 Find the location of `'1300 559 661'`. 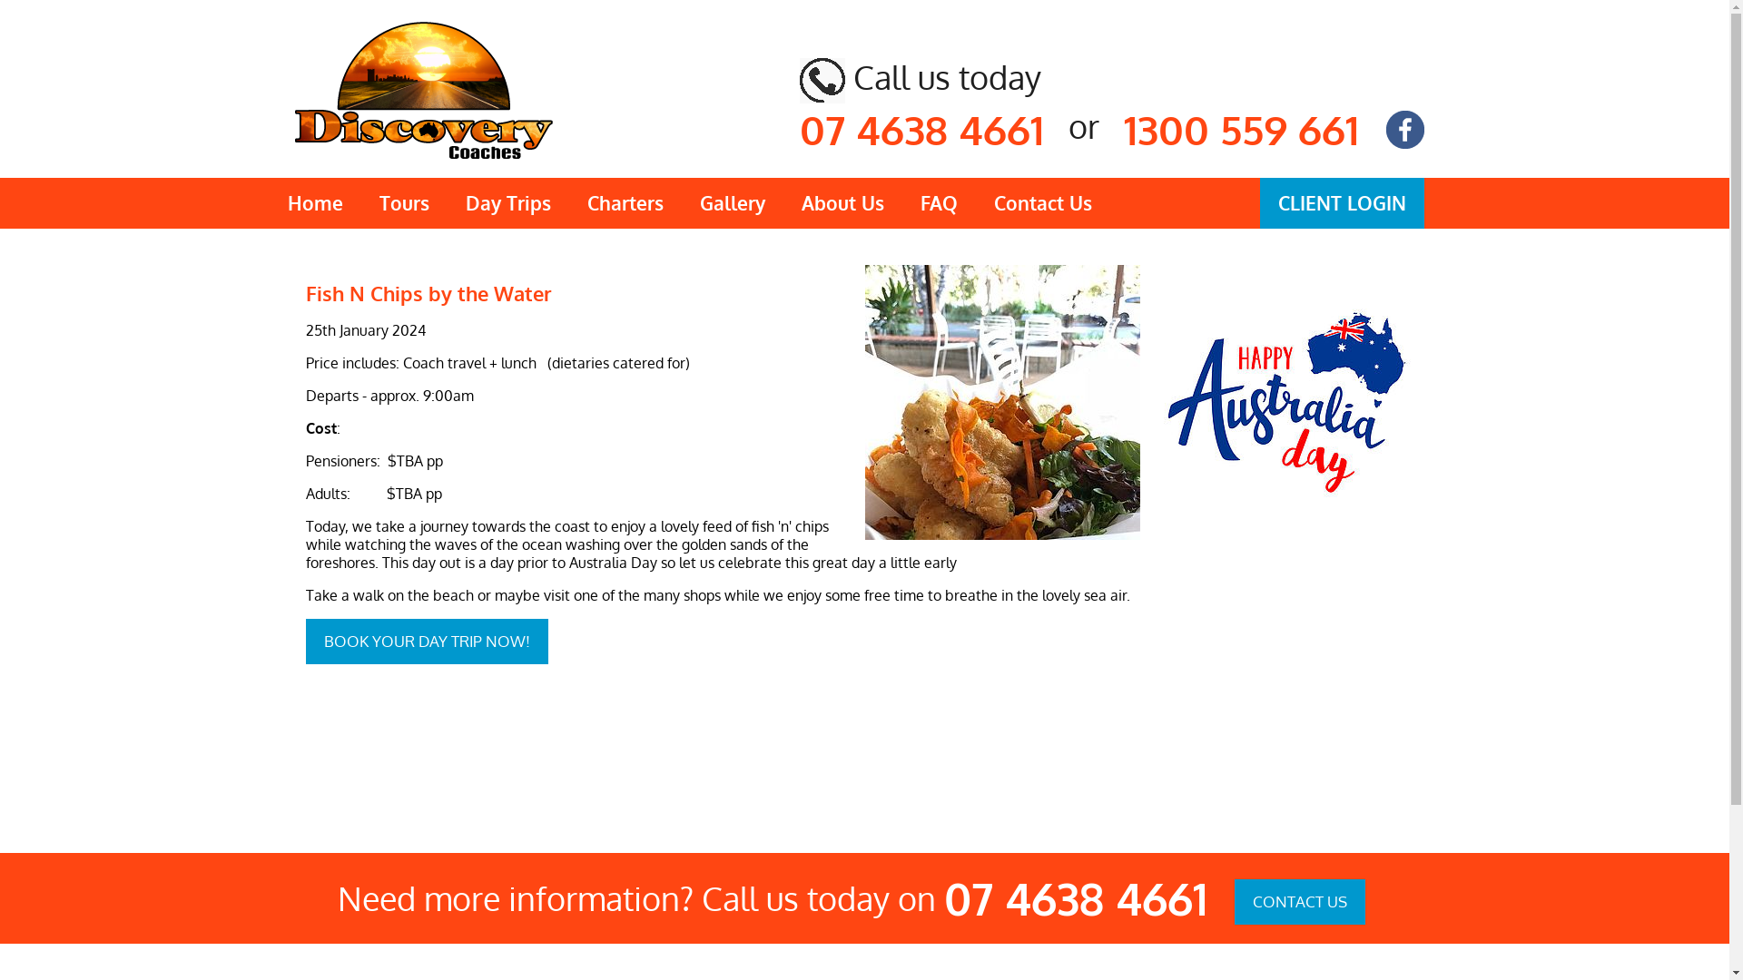

'1300 559 661' is located at coordinates (1123, 128).